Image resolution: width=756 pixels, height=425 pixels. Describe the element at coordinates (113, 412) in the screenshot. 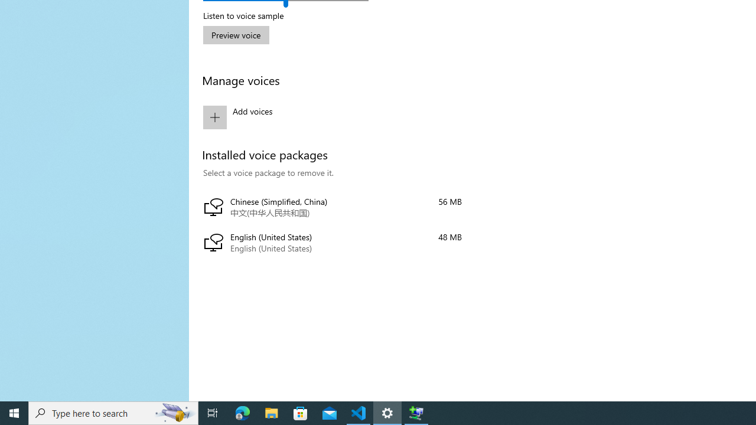

I see `'Type here to search'` at that location.